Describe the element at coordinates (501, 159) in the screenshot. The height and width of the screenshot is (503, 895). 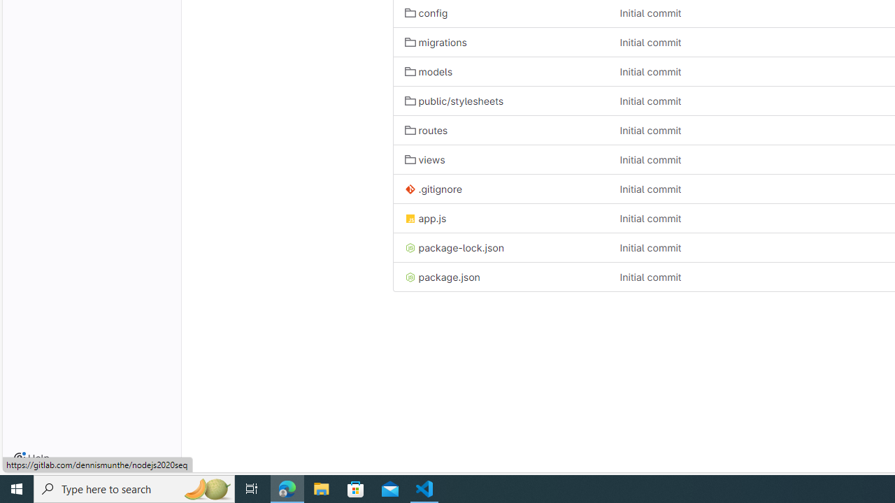
I see `'views'` at that location.